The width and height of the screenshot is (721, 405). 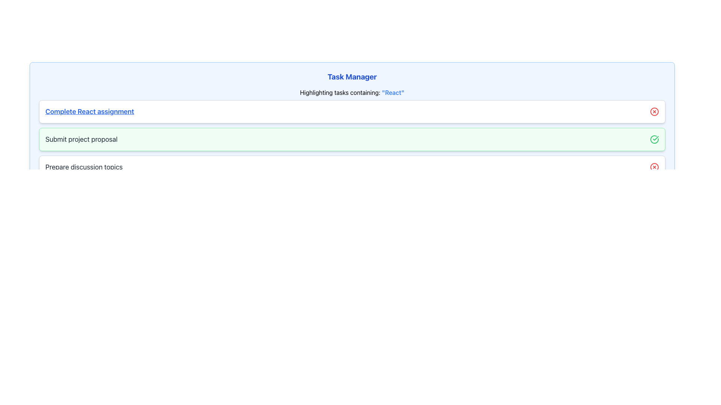 What do you see at coordinates (654, 111) in the screenshot?
I see `the SVG Circle that forms part of the close icon located adjacent to the right side of the task element titled 'Complete React assignment'` at bounding box center [654, 111].